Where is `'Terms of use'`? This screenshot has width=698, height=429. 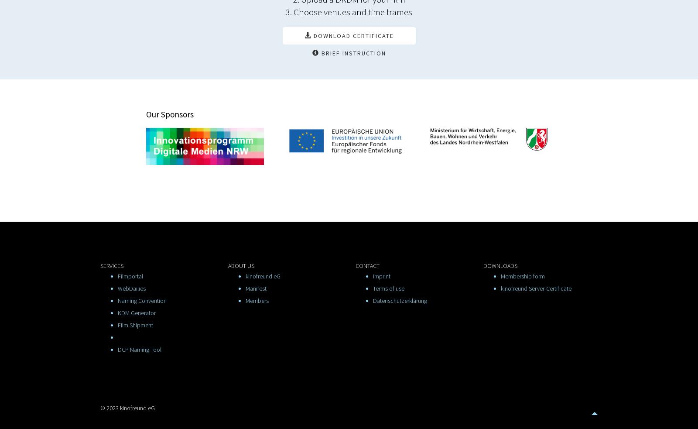 'Terms of use' is located at coordinates (388, 288).